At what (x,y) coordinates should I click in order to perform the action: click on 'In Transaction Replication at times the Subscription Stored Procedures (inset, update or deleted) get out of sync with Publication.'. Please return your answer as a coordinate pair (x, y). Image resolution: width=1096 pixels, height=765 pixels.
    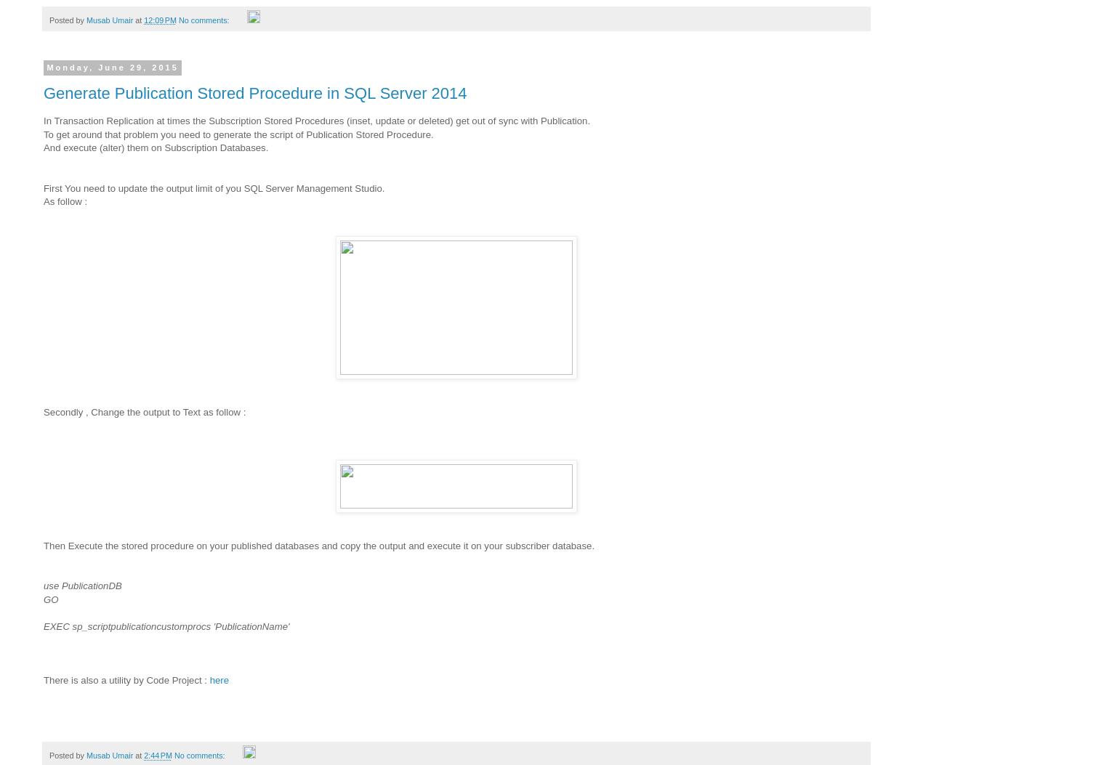
    Looking at the image, I should click on (318, 120).